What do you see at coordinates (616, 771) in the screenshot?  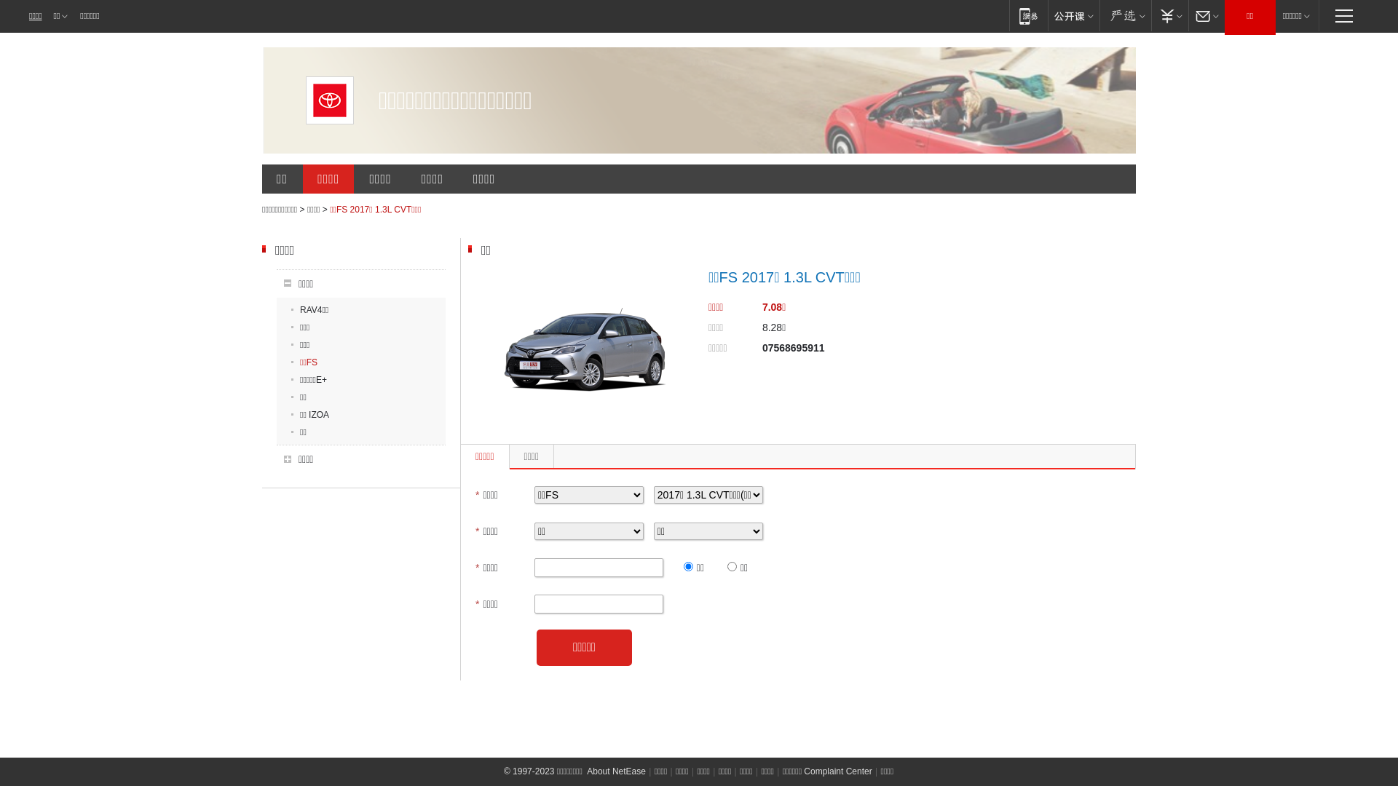 I see `'About NetEase'` at bounding box center [616, 771].